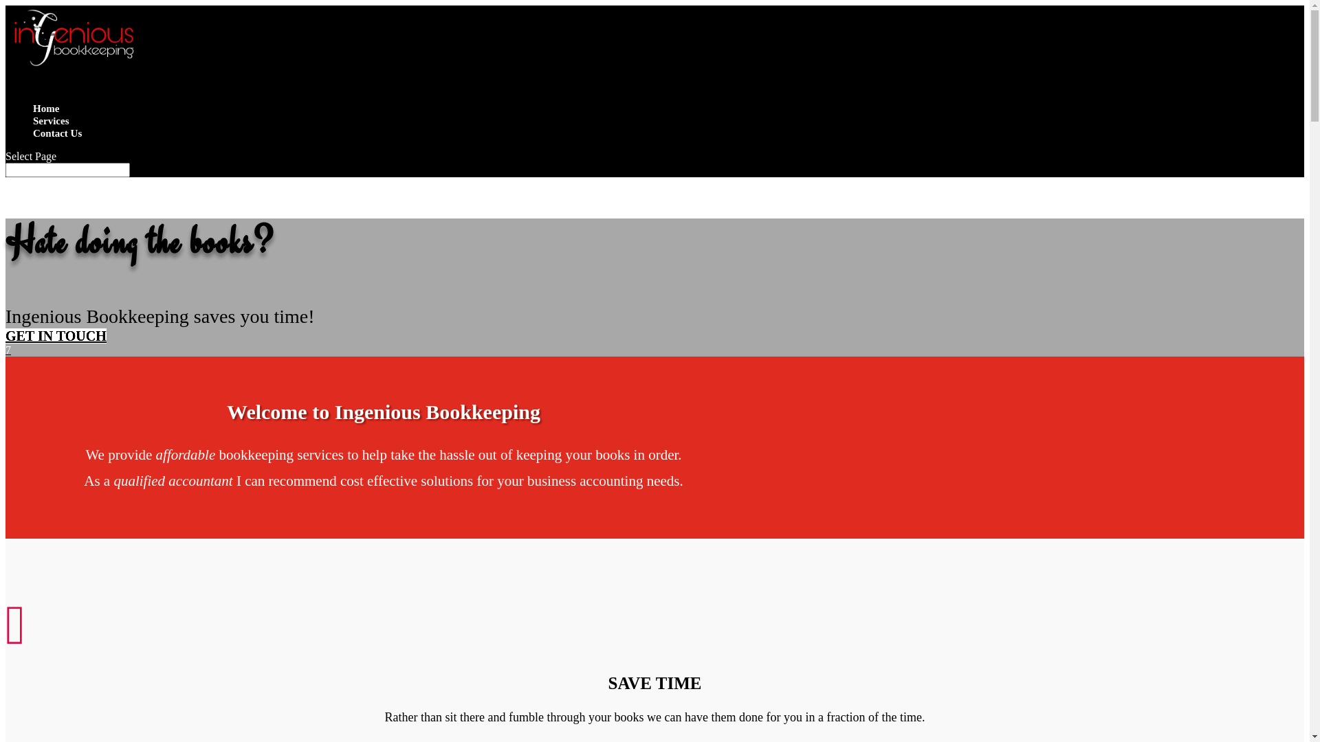 The width and height of the screenshot is (1320, 742). I want to click on 'Home', so click(33, 115).